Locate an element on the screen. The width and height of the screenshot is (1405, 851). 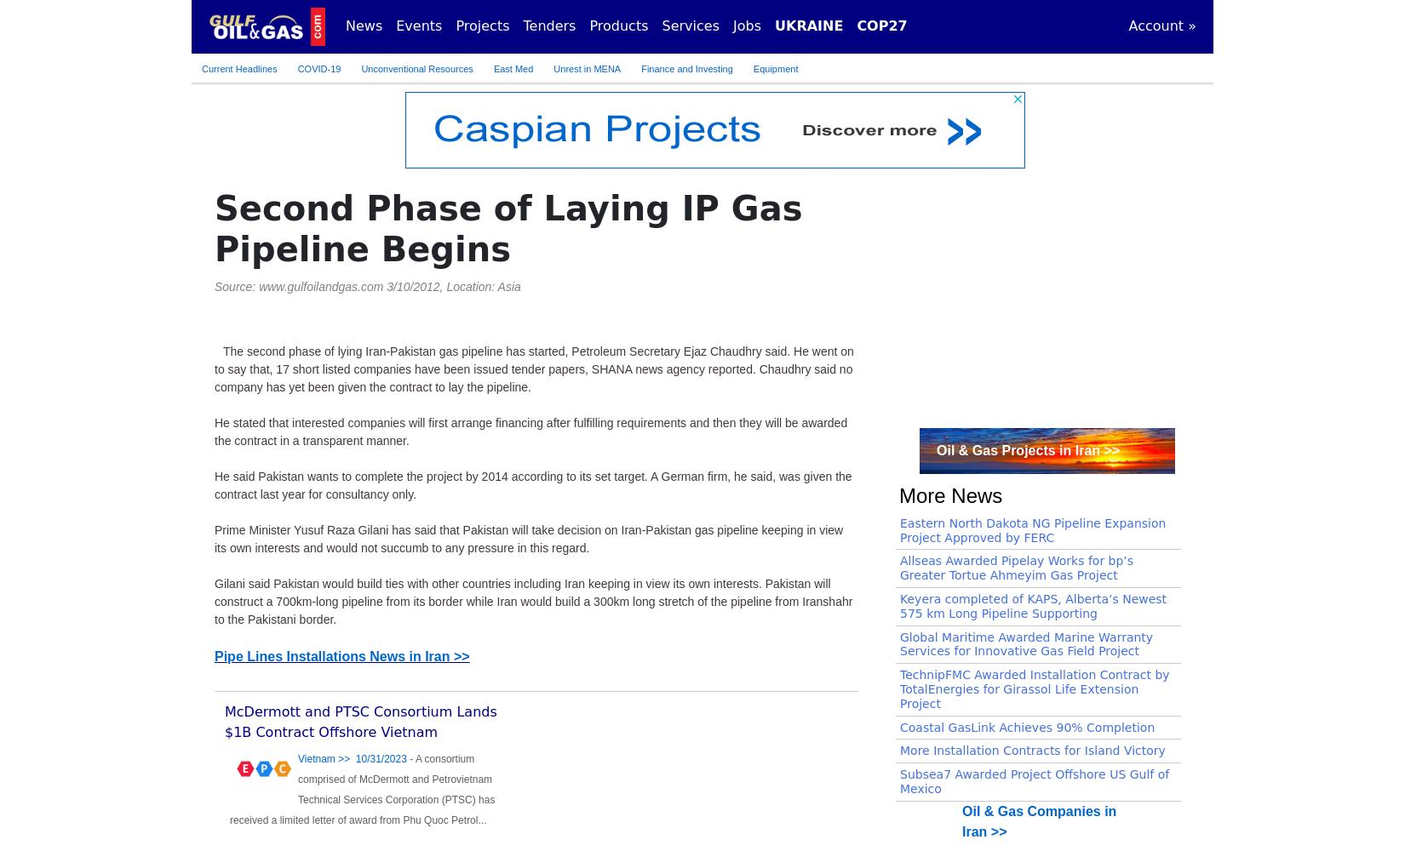
'TechnipFMC Awarded Installation Contract by TotalEnergies for Girassol Life Extension Project' is located at coordinates (1035, 688).